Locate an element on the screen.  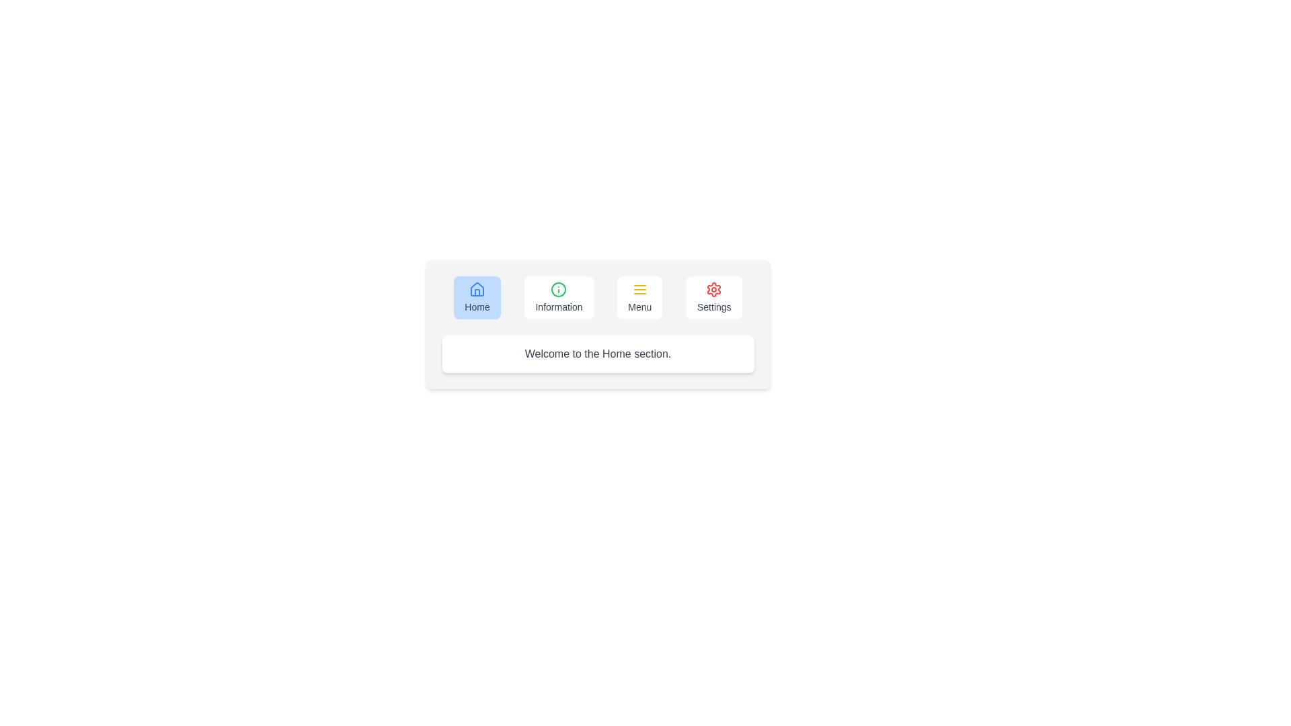
the Navigation menu bar to trigger visual effects, which includes four sections labeled 'Home,' 'Information,' 'Menu,' and 'Settings.' is located at coordinates (597, 297).